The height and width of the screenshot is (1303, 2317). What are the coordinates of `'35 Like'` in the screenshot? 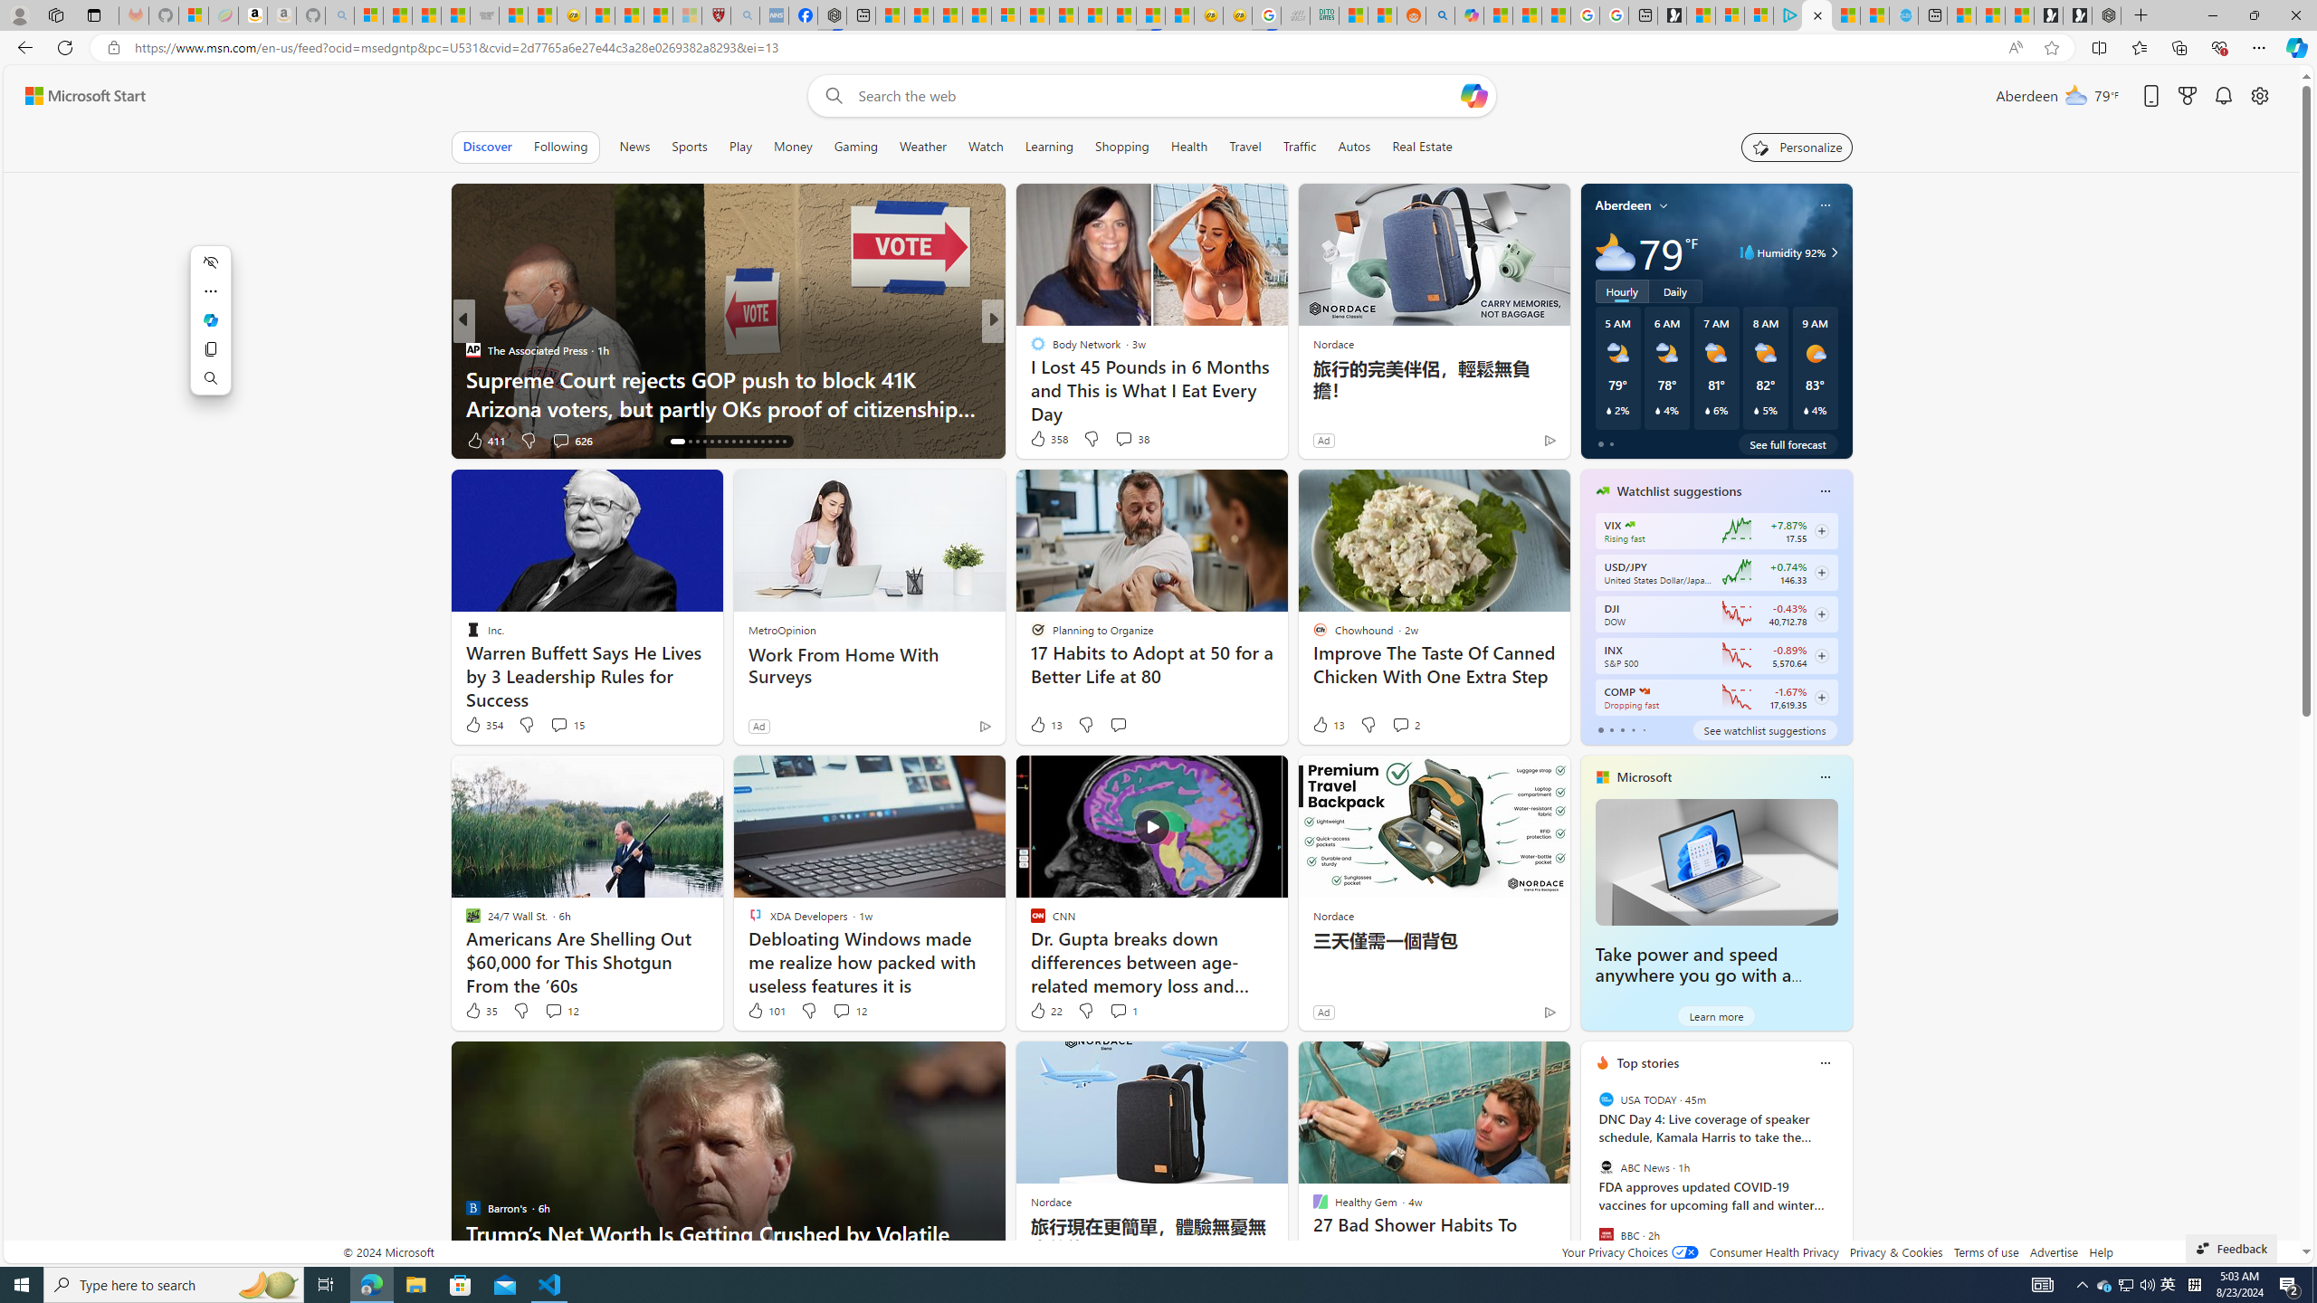 It's located at (480, 1009).